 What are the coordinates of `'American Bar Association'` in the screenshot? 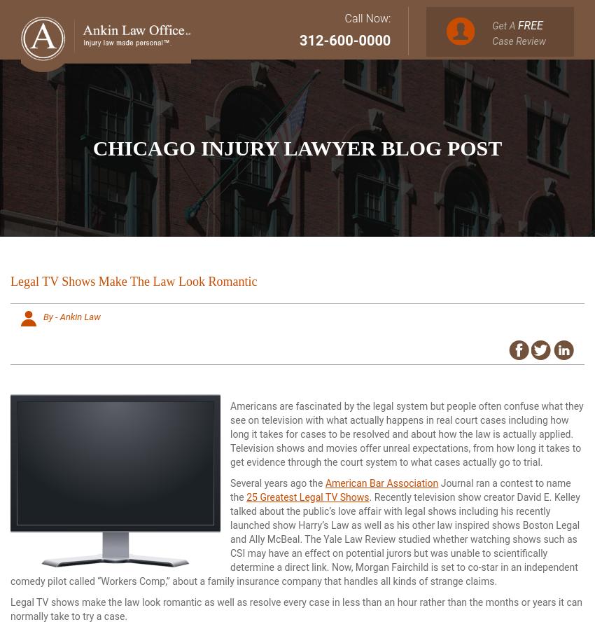 It's located at (381, 483).